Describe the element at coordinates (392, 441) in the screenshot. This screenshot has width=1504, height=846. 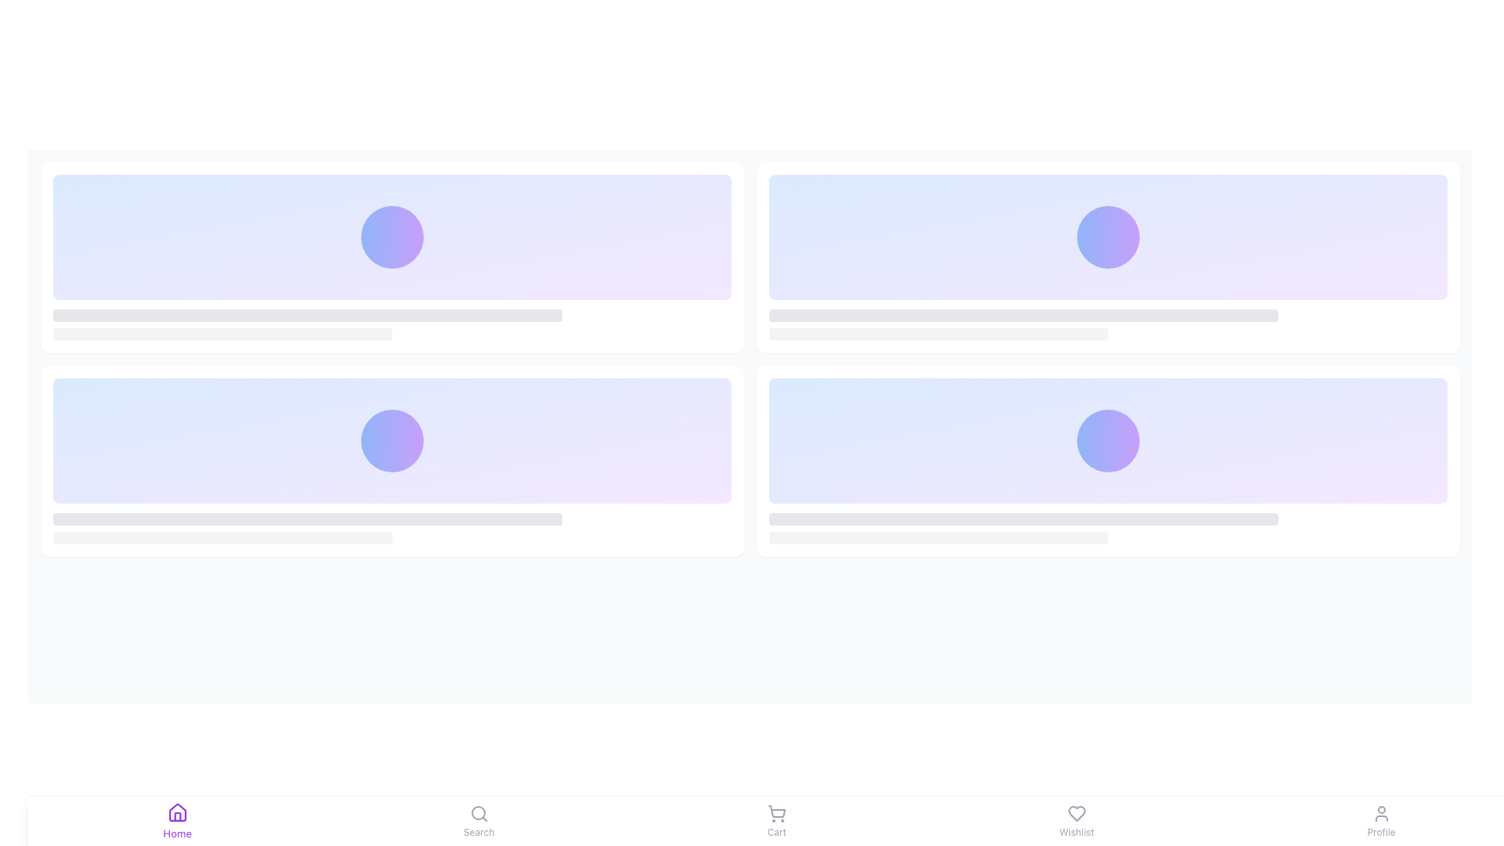
I see `the section with a decorative gradient background that features a gradient from light blue to light purple and includes a centered circular element with a gradient from blue to purple` at that location.